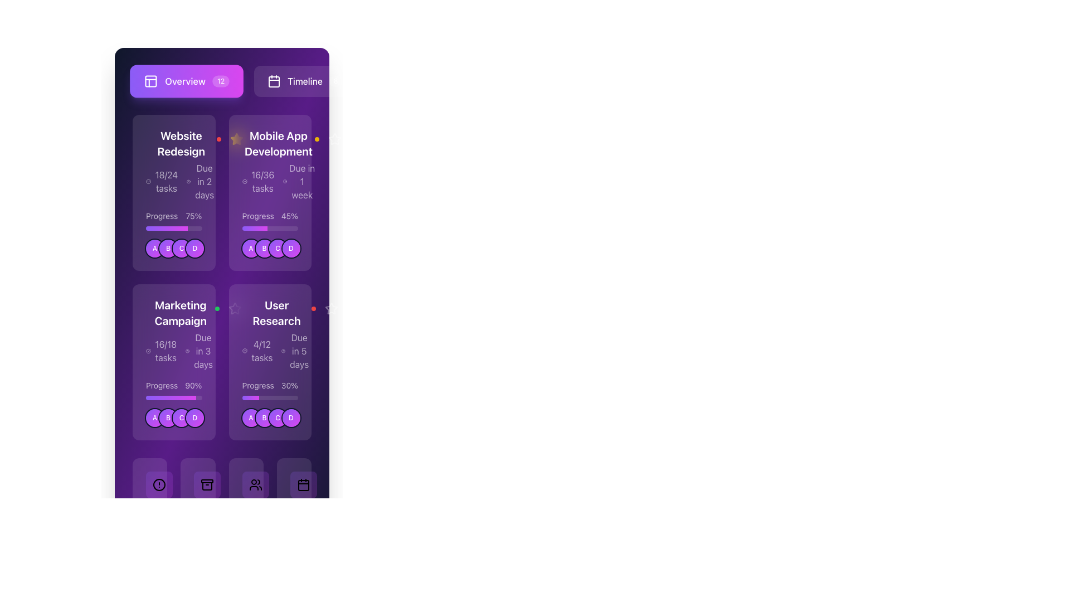  Describe the element at coordinates (173, 165) in the screenshot. I see `the progress status display for the project 'Website Redesign'` at that location.